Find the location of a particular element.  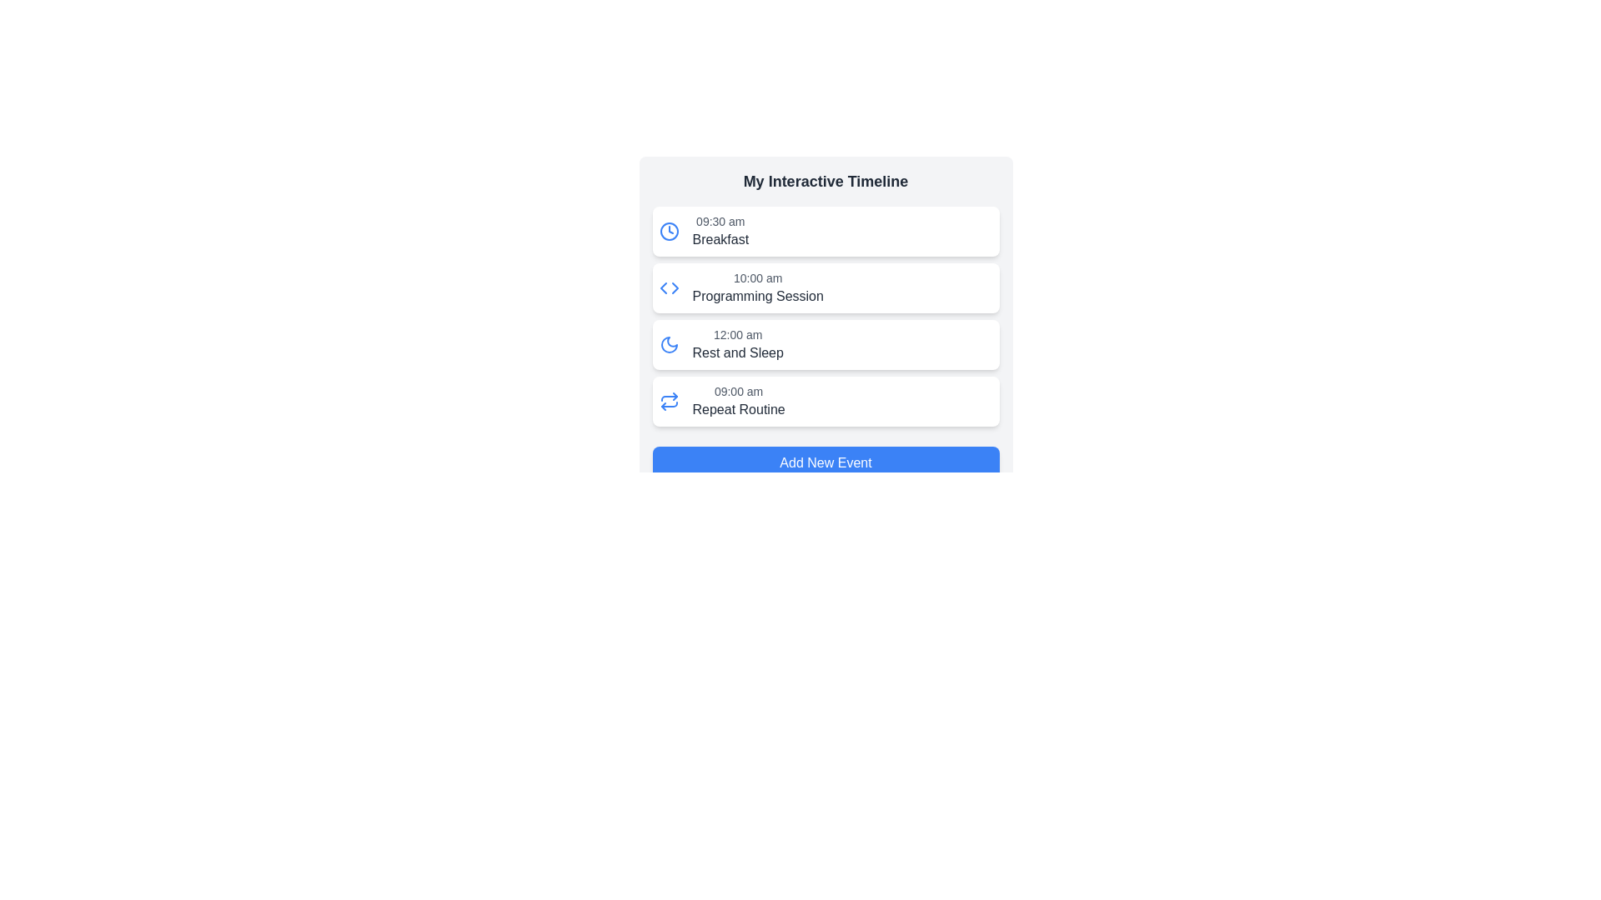

the Timeline Event Card displaying '12:00 am' and 'Rest and Sleep', which is the third card in the list, located between the '10:00 am Programming Session' and '09:00 am Repeat Routine' cards is located at coordinates (826, 343).